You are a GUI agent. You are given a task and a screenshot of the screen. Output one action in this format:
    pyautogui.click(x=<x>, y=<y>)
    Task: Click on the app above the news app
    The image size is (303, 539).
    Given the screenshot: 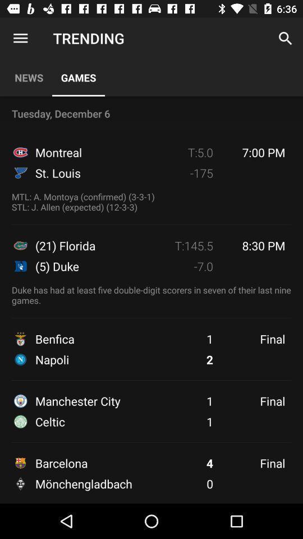 What is the action you would take?
    pyautogui.click(x=20, y=38)
    